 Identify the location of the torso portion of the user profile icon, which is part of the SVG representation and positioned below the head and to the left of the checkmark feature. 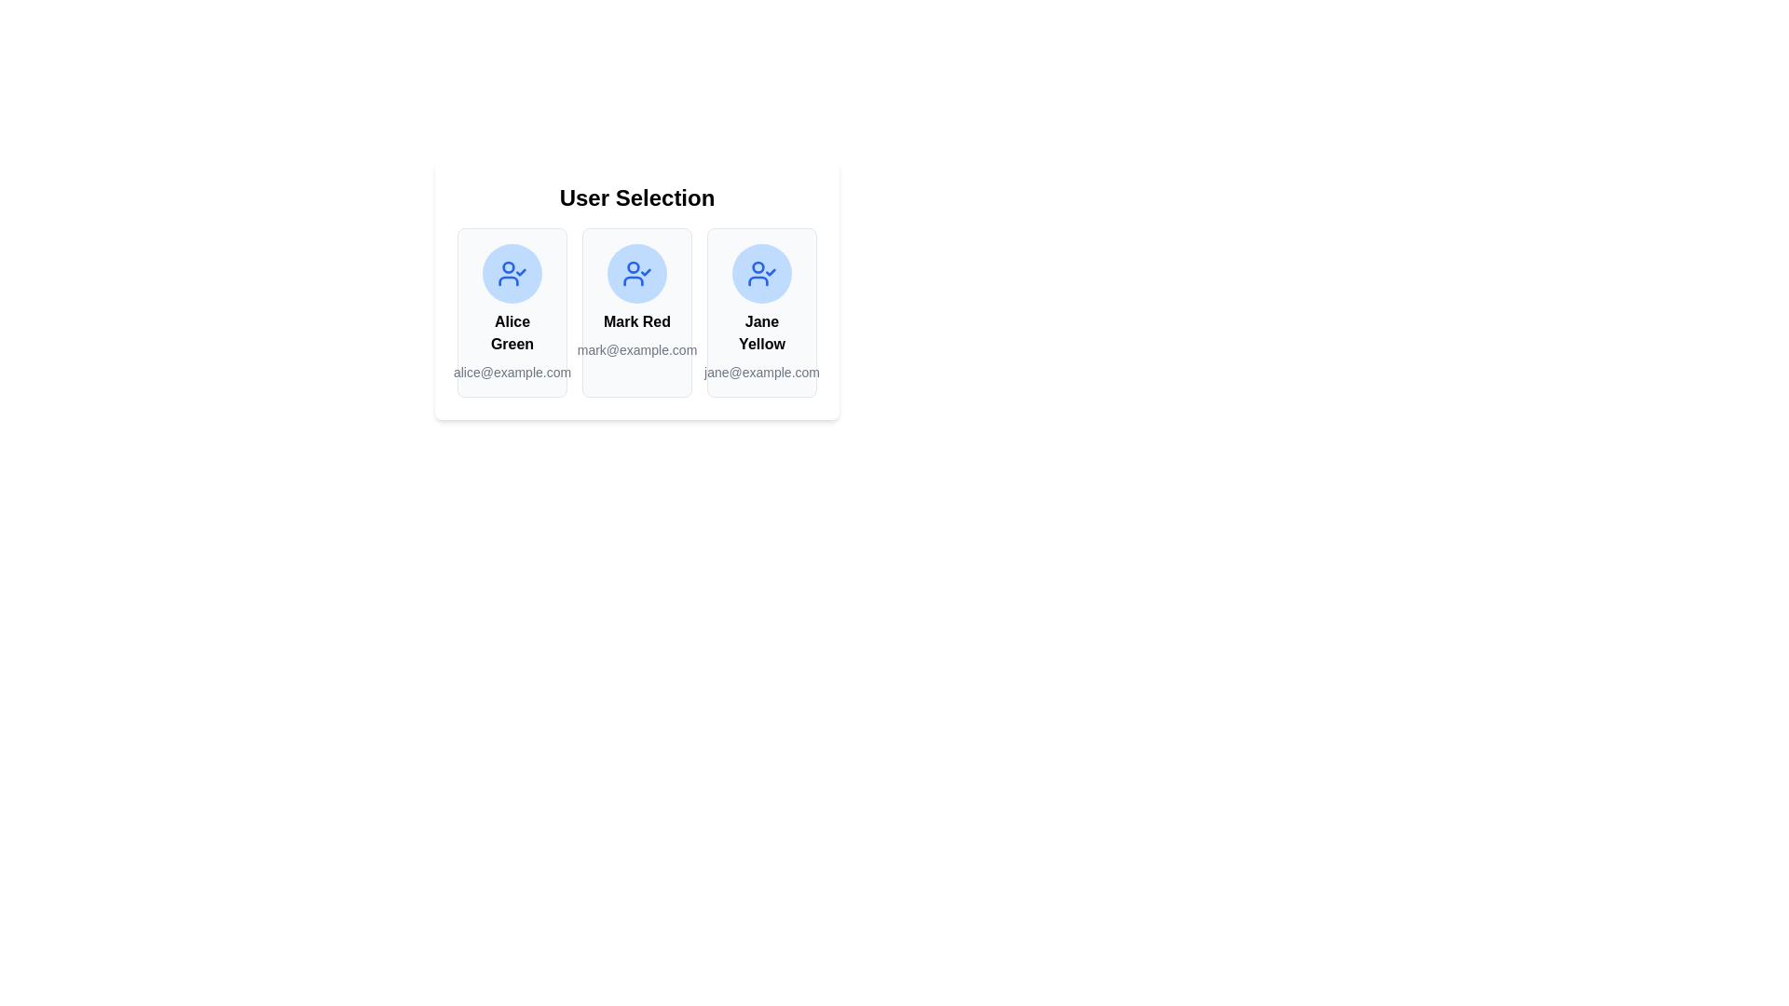
(634, 280).